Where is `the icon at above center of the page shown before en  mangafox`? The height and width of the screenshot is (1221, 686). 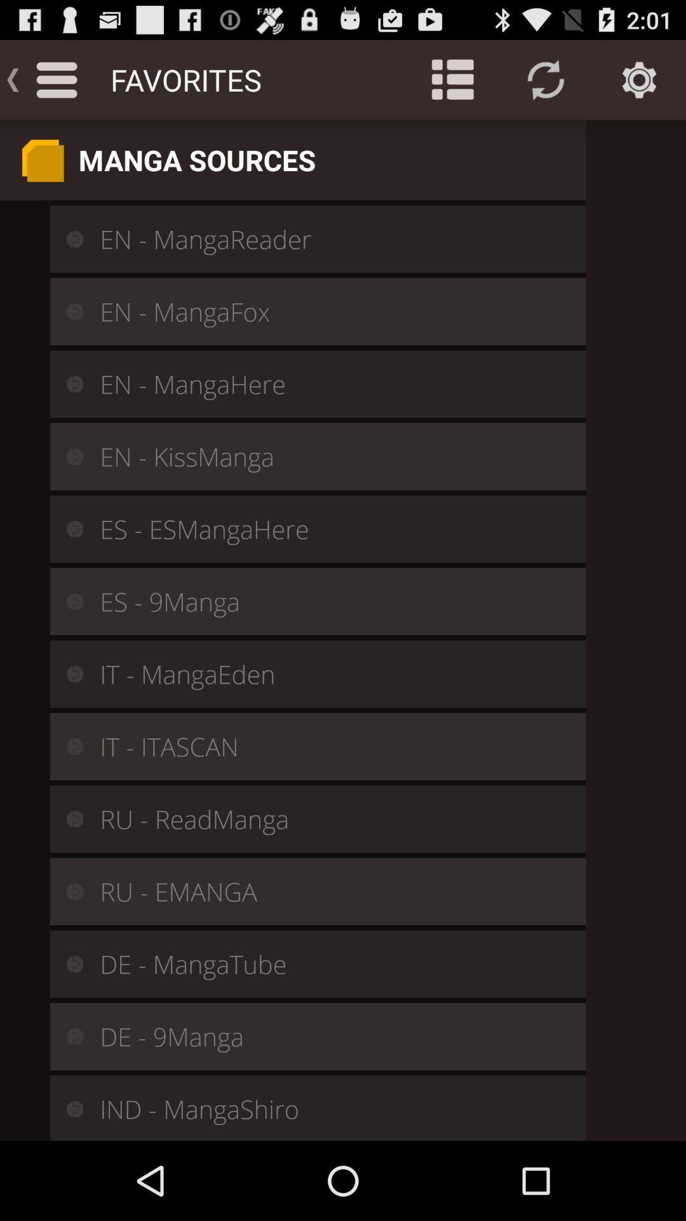 the icon at above center of the page shown before en  mangafox is located at coordinates (66, 311).